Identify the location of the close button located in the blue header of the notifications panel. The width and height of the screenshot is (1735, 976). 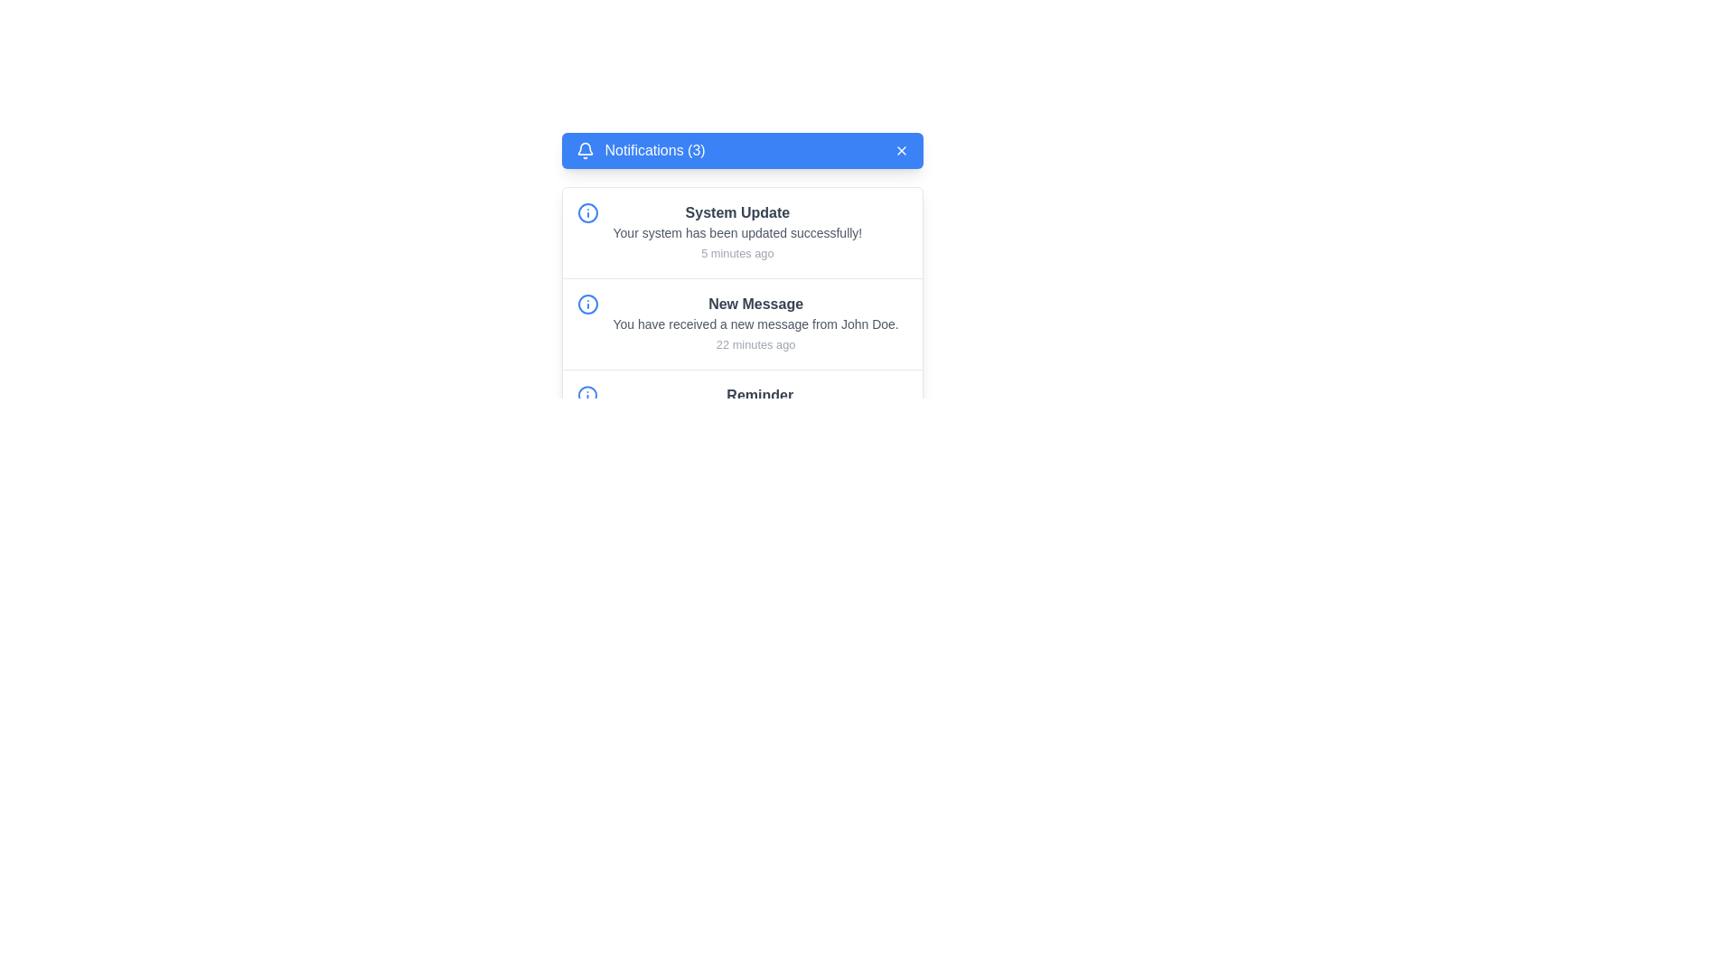
(901, 149).